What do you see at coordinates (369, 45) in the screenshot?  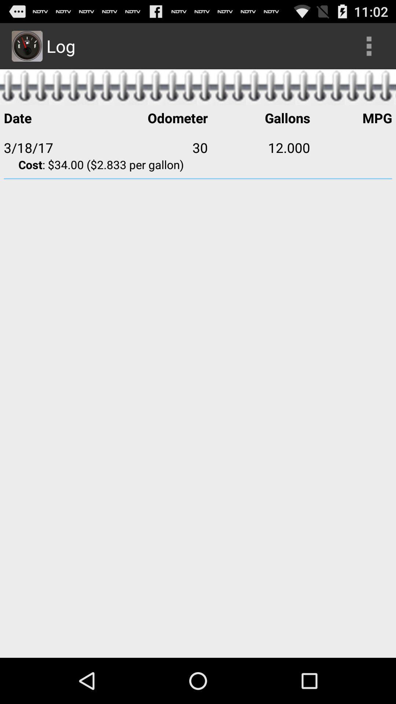 I see `additonal options` at bounding box center [369, 45].